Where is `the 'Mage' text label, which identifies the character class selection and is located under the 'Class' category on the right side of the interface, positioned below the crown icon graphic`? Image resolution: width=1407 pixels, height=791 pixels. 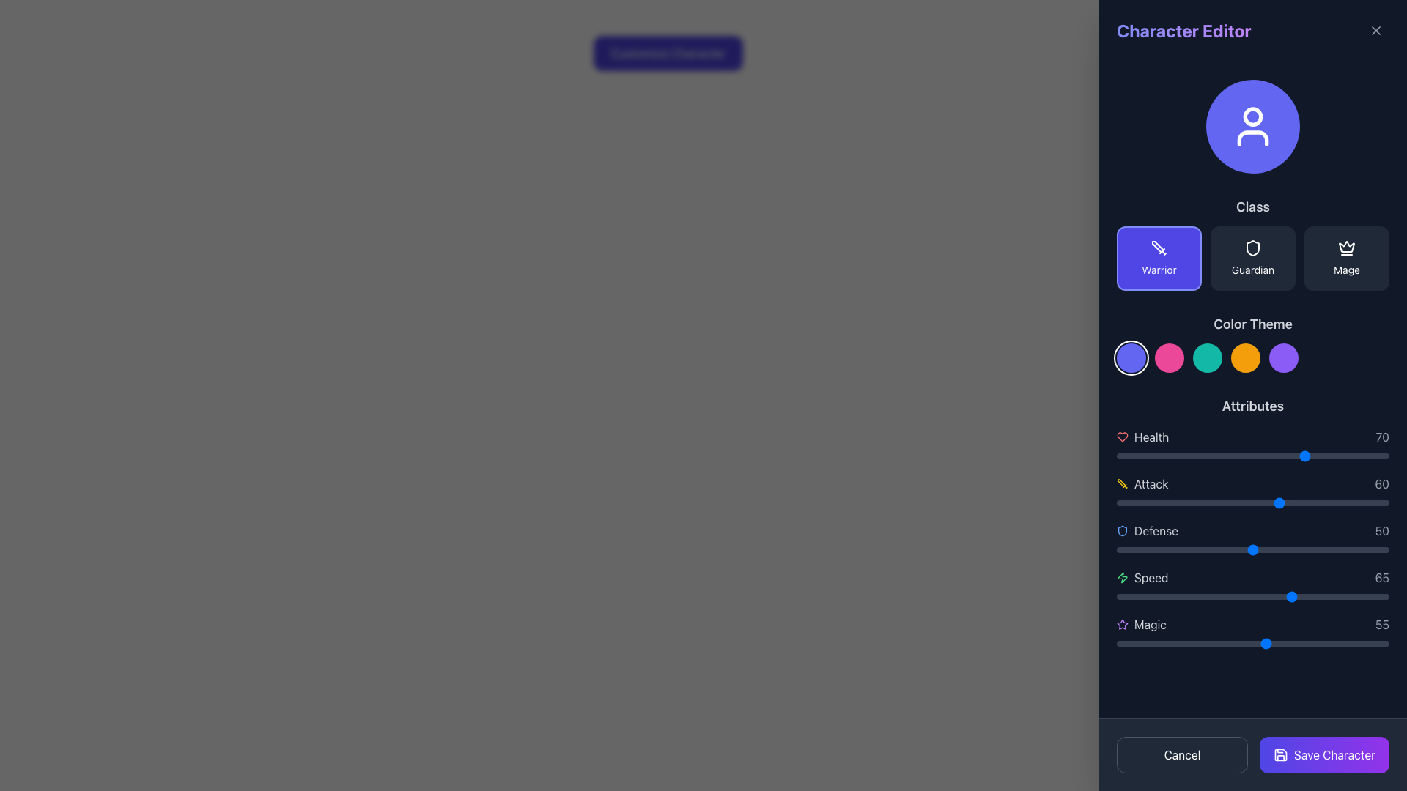 the 'Mage' text label, which identifies the character class selection and is located under the 'Class' category on the right side of the interface, positioned below the crown icon graphic is located at coordinates (1347, 270).